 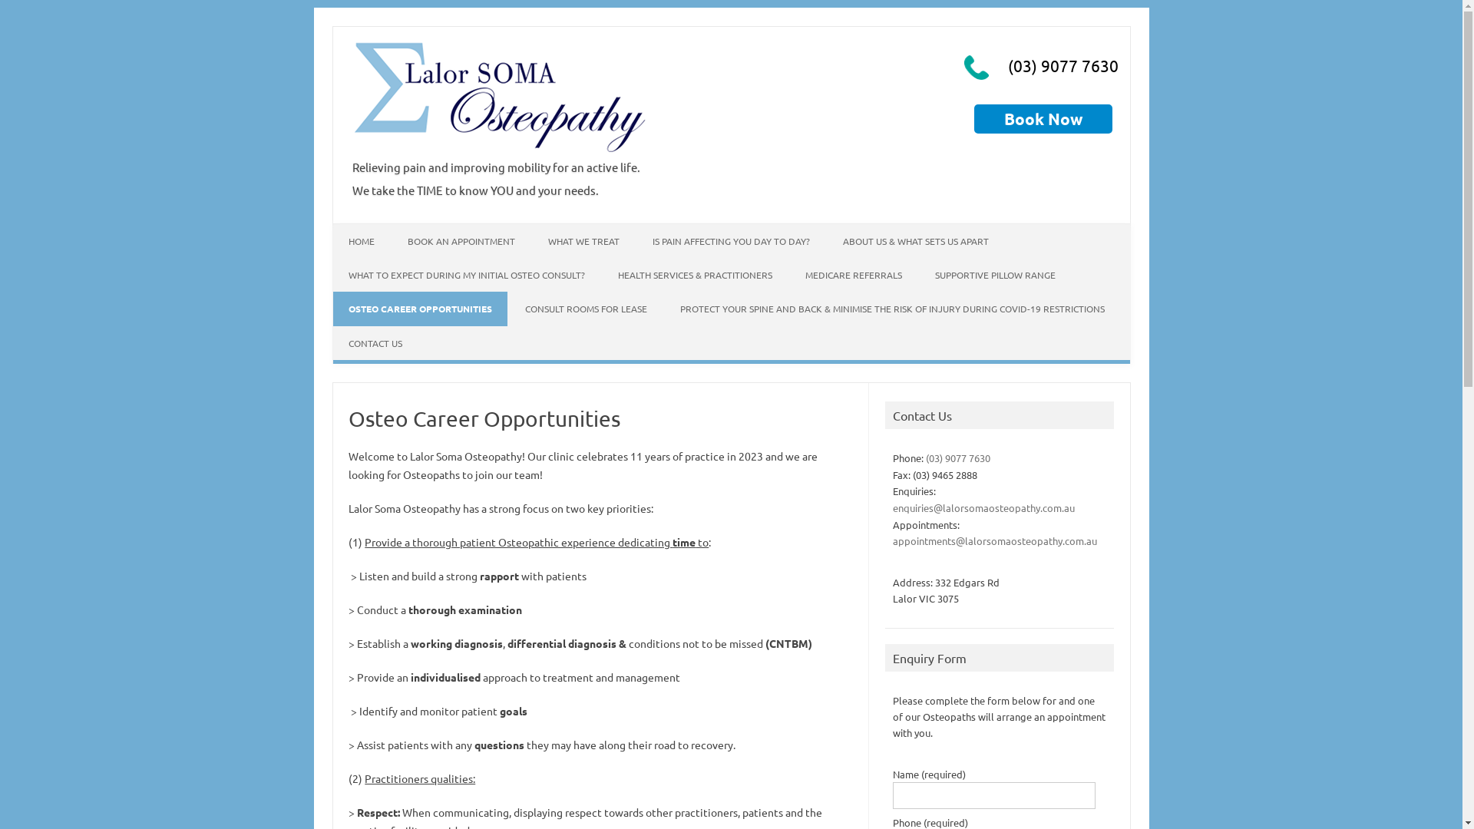 What do you see at coordinates (916, 240) in the screenshot?
I see `'ABOUT US & WHAT SETS US APART'` at bounding box center [916, 240].